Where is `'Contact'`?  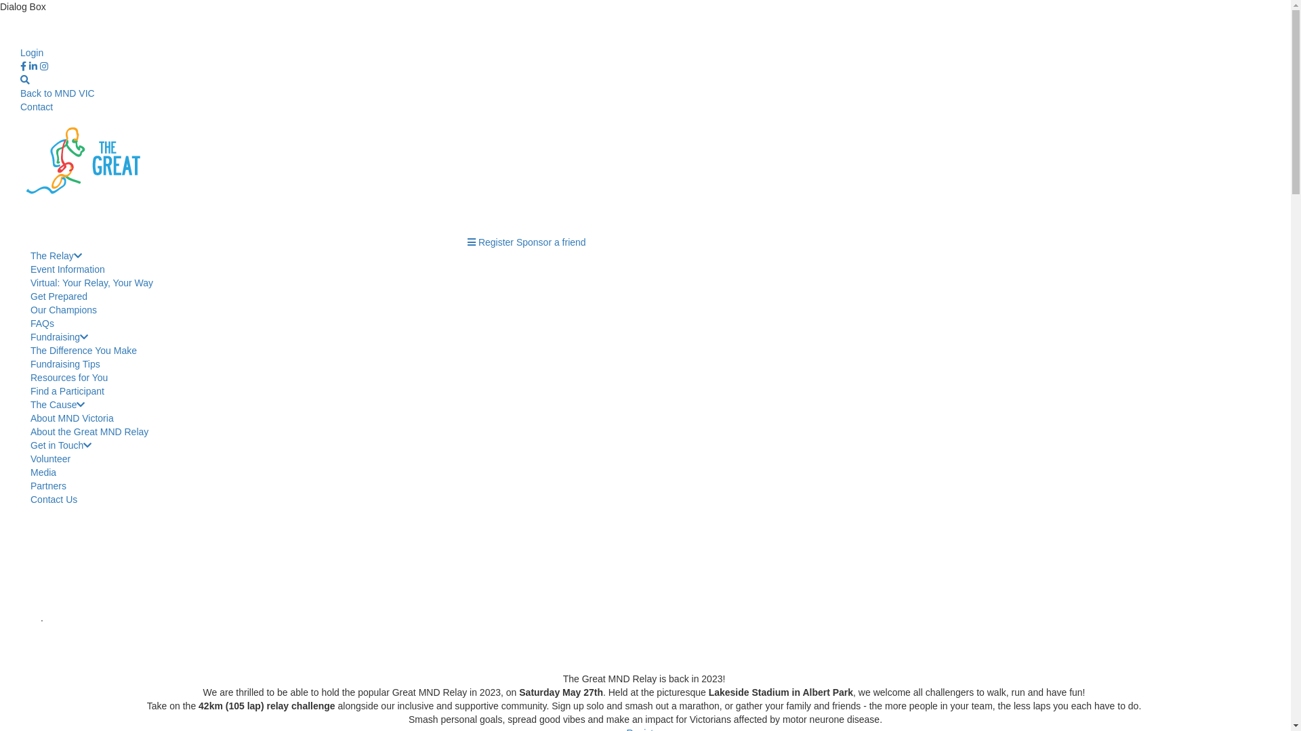
'Contact' is located at coordinates (36, 106).